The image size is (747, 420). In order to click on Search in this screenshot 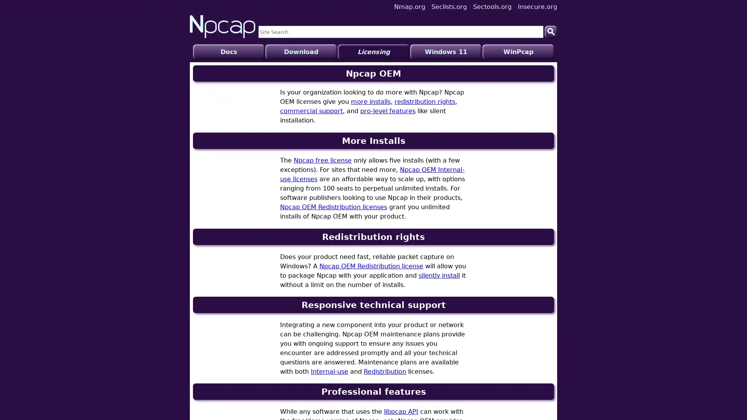, I will do `click(551, 31)`.